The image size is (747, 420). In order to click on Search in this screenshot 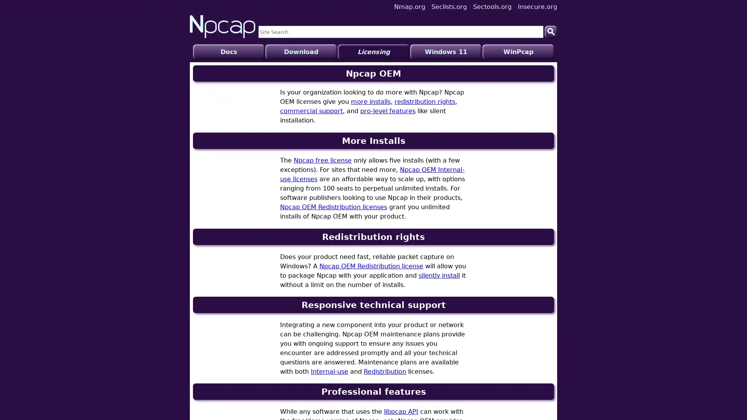, I will do `click(551, 31)`.